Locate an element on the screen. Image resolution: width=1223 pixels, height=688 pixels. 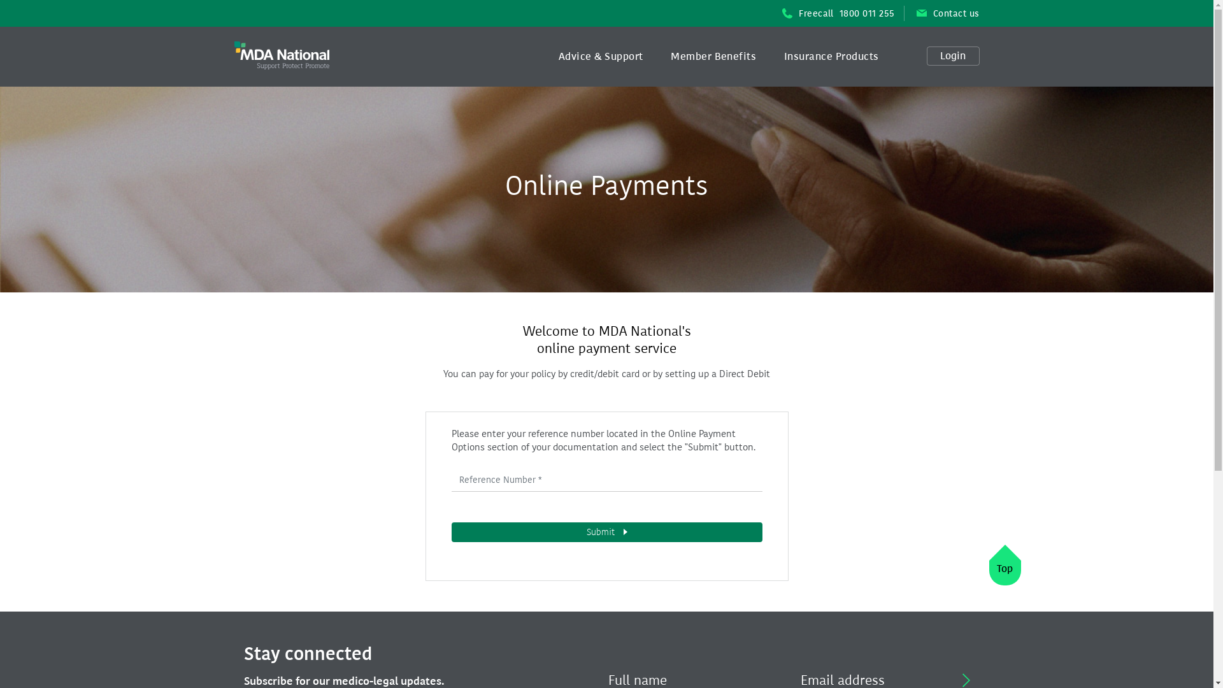
'Advice & Support' is located at coordinates (600, 55).